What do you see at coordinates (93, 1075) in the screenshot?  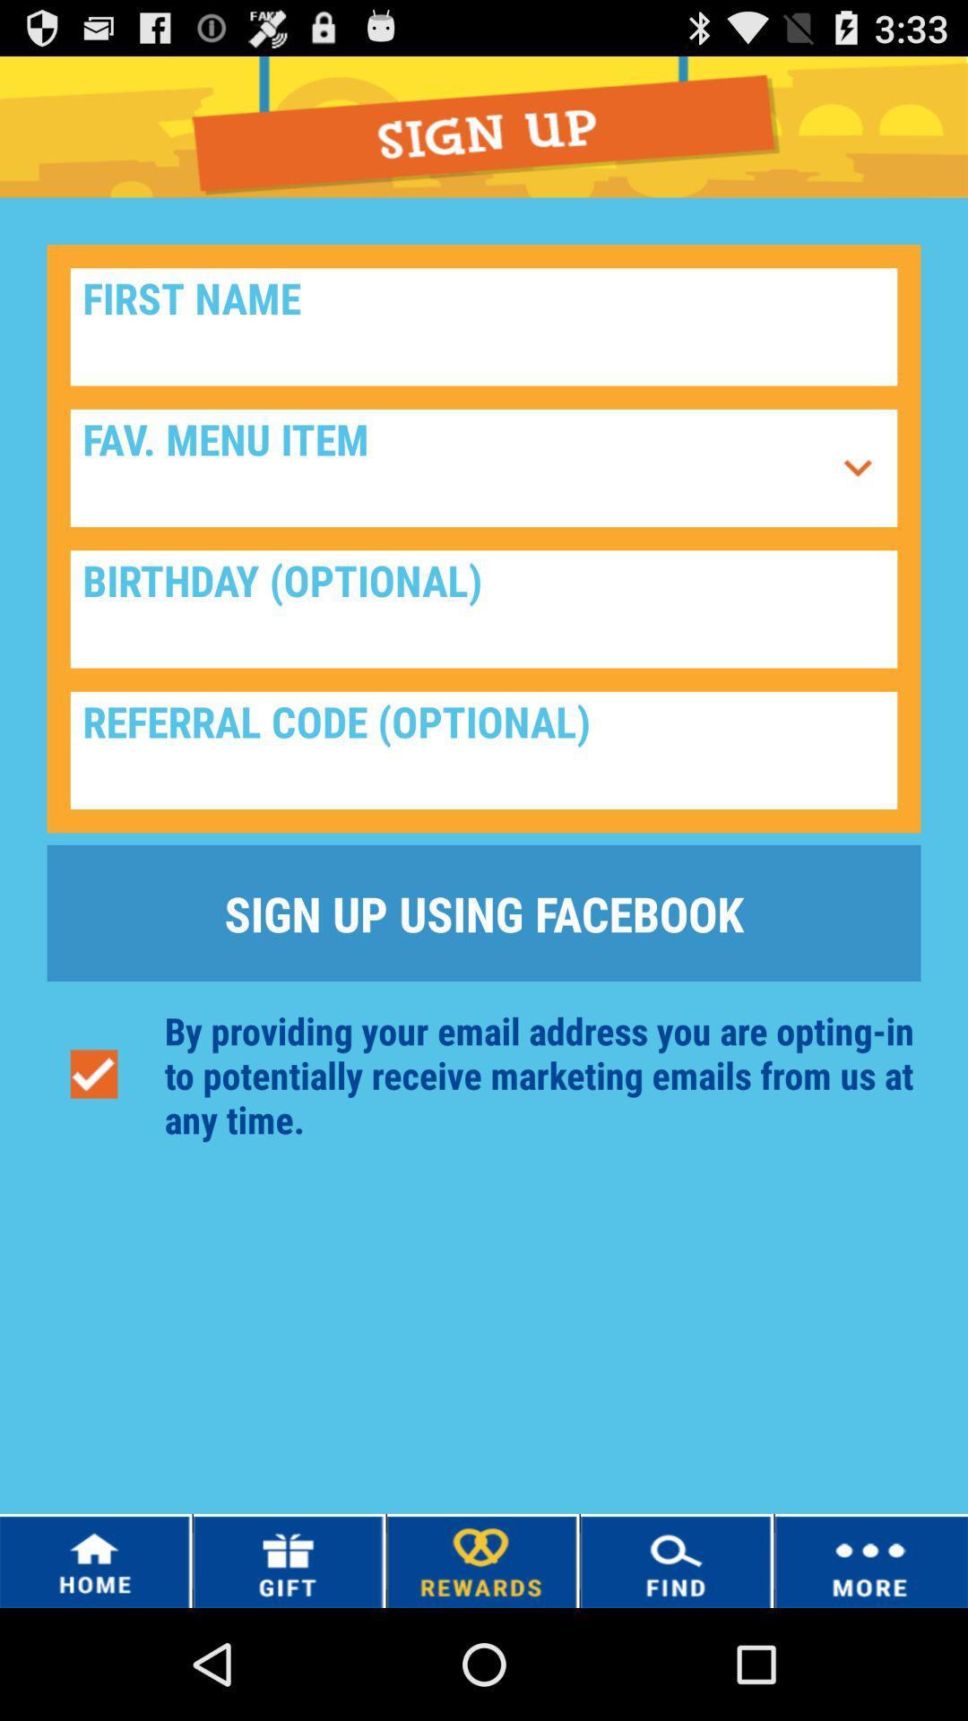 I see `opt in` at bounding box center [93, 1075].